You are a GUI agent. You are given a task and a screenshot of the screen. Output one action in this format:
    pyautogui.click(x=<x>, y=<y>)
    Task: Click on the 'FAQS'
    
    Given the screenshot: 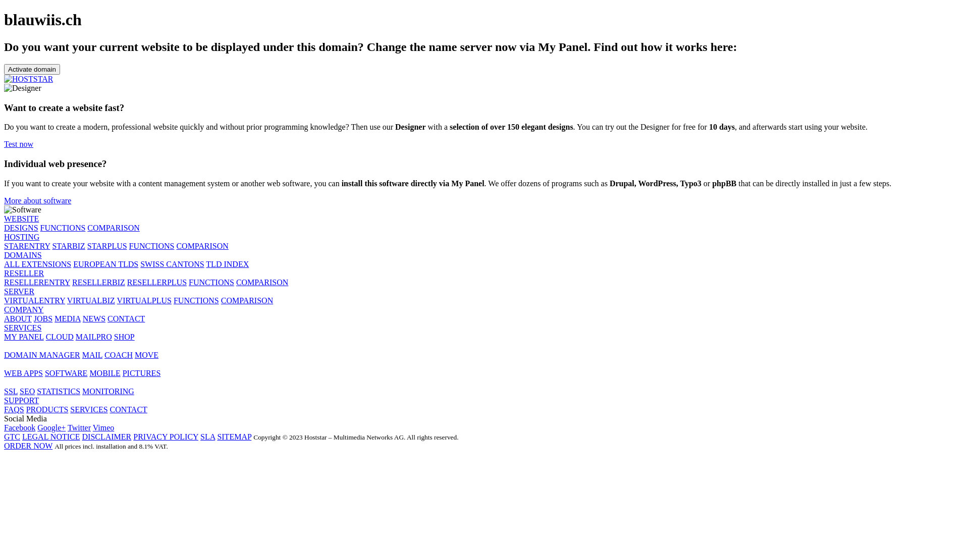 What is the action you would take?
    pyautogui.click(x=14, y=409)
    